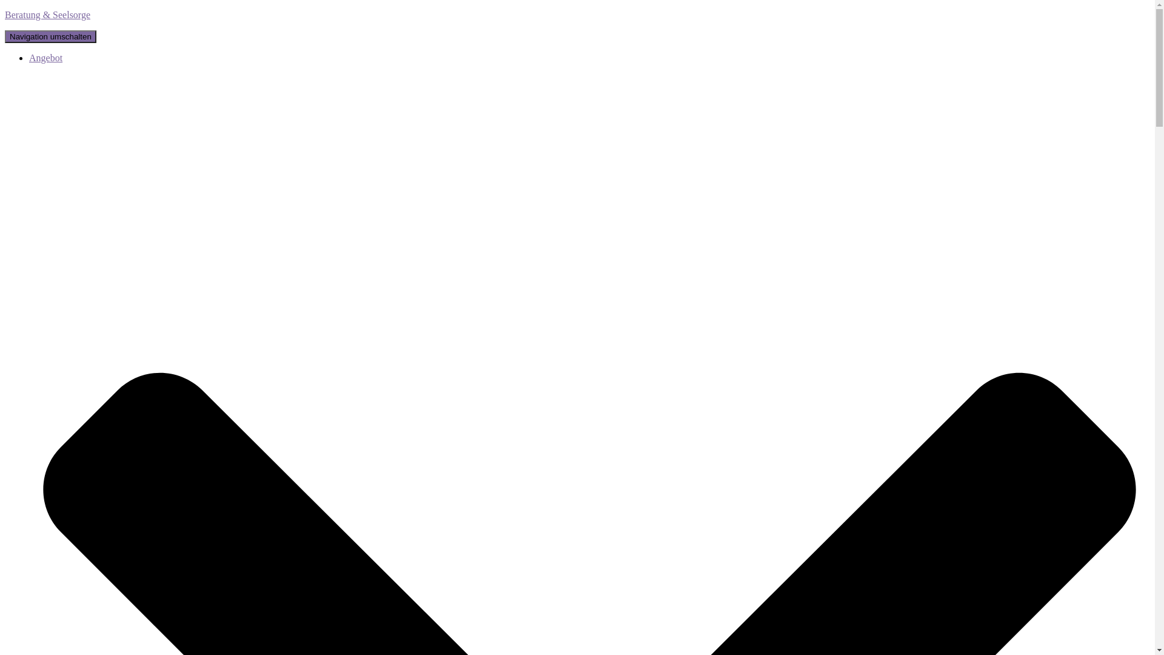 The width and height of the screenshot is (1164, 655). I want to click on 'Navigation umschalten', so click(50, 36).